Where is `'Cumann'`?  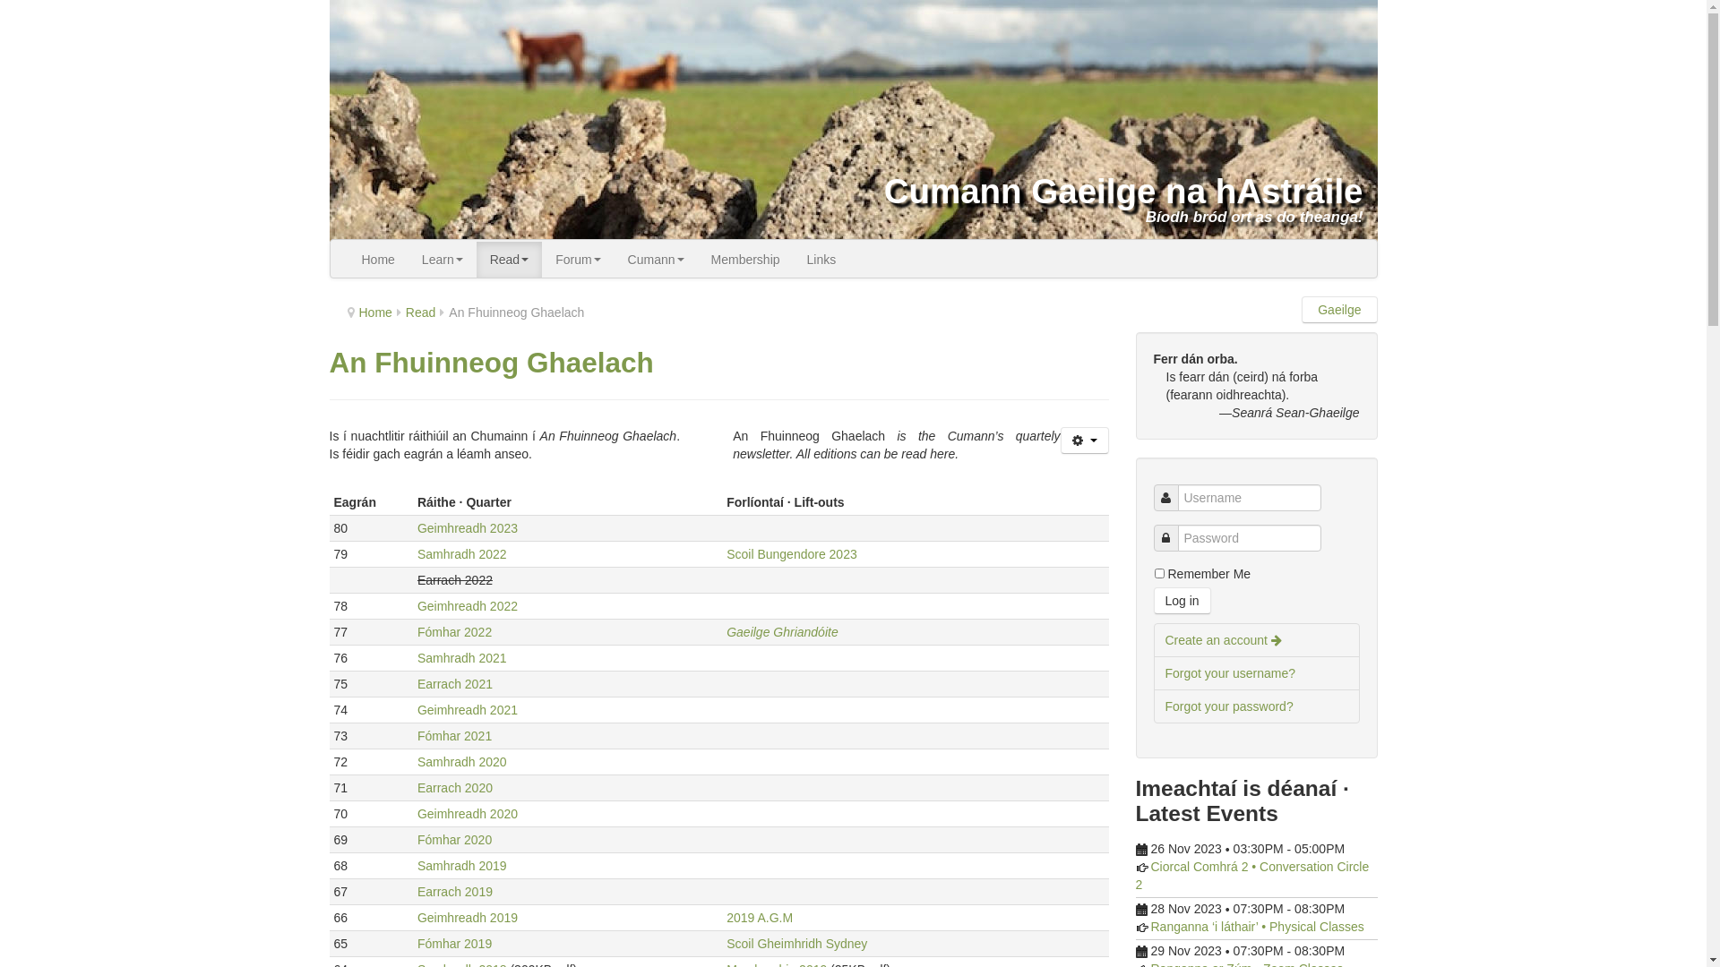
'Cumann' is located at coordinates (615, 259).